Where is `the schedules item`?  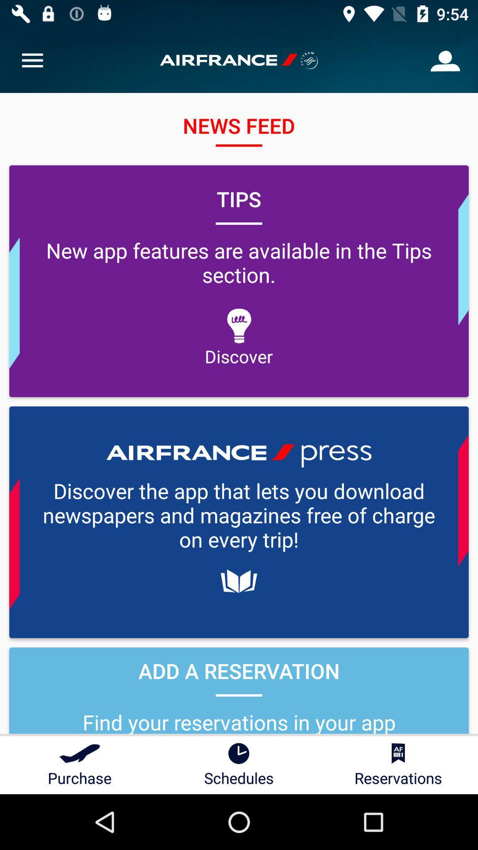 the schedules item is located at coordinates (239, 765).